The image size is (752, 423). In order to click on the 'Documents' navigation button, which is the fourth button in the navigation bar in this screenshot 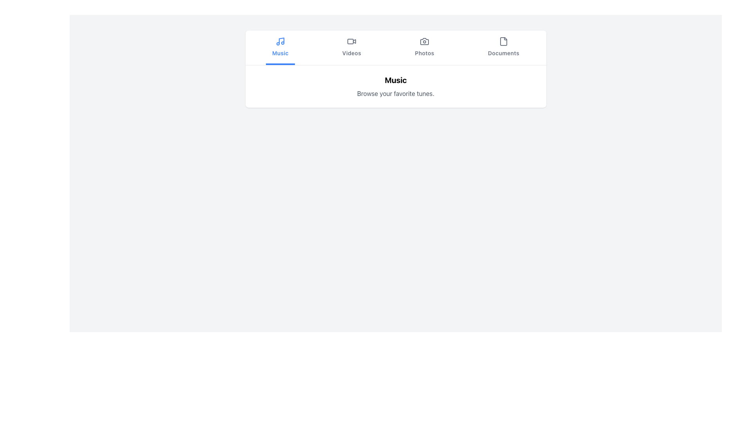, I will do `click(503, 48)`.